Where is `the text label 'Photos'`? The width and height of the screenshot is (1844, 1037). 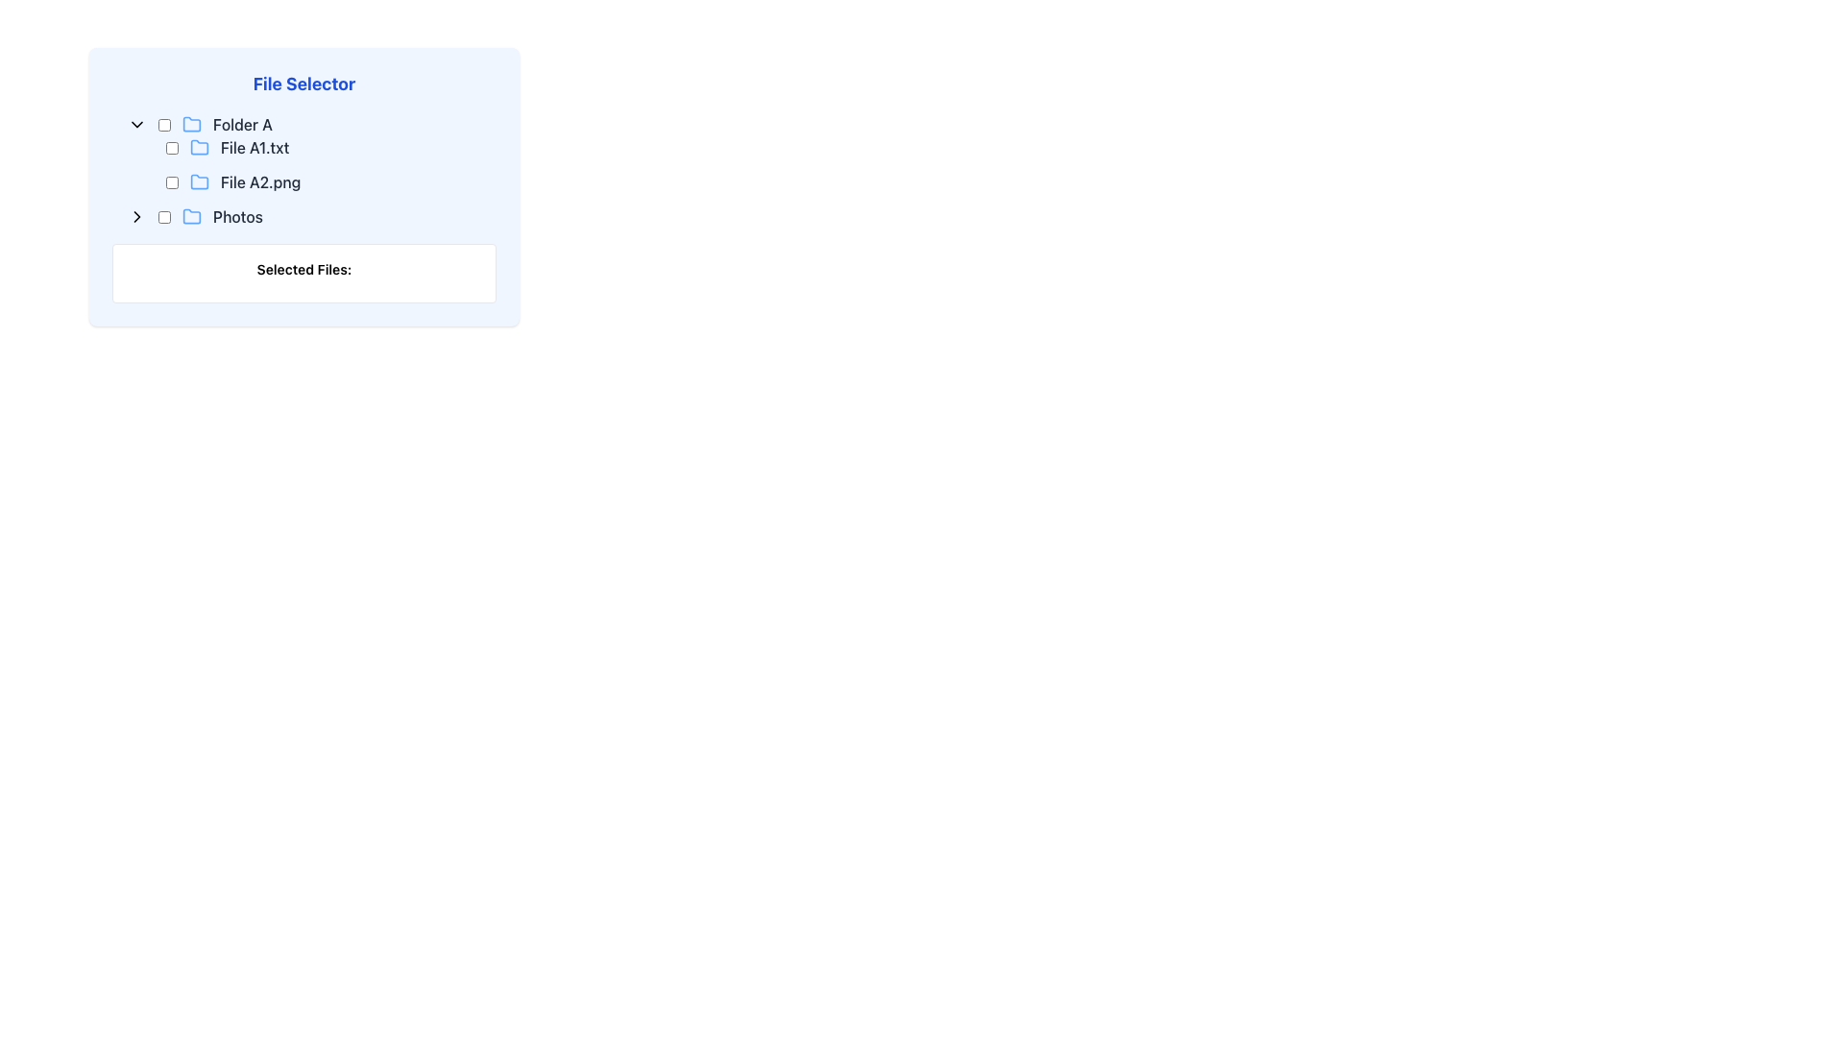
the text label 'Photos' is located at coordinates (237, 216).